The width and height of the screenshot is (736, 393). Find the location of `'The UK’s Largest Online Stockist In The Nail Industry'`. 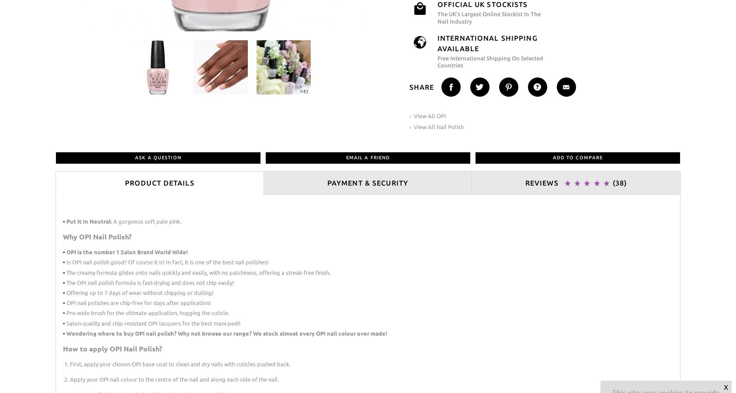

'The UK’s Largest Online Stockist In The Nail Industry' is located at coordinates (489, 17).